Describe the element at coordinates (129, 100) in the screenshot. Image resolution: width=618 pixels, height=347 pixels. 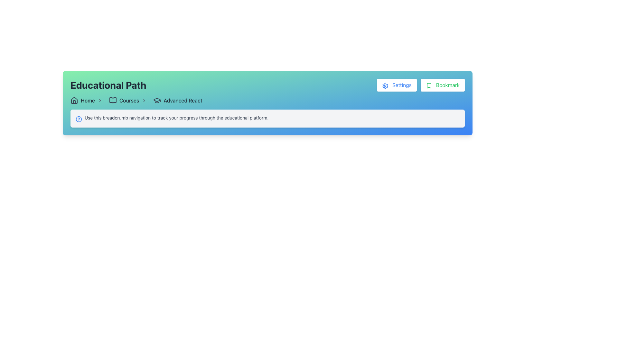
I see `the Breadcrumb Item labeled 'Courses' which consists of an open book icon and is located between 'Home' and 'Advanced React'` at that location.